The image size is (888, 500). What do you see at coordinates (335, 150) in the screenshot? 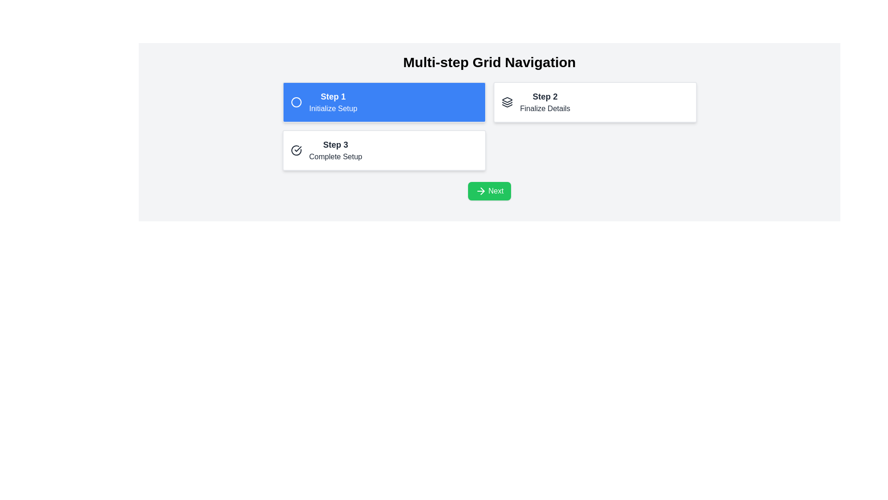
I see `the multi-line text label element that displays 'Step 3' and 'Complete Setup', located in the third card of a multi-step progression layout` at bounding box center [335, 150].